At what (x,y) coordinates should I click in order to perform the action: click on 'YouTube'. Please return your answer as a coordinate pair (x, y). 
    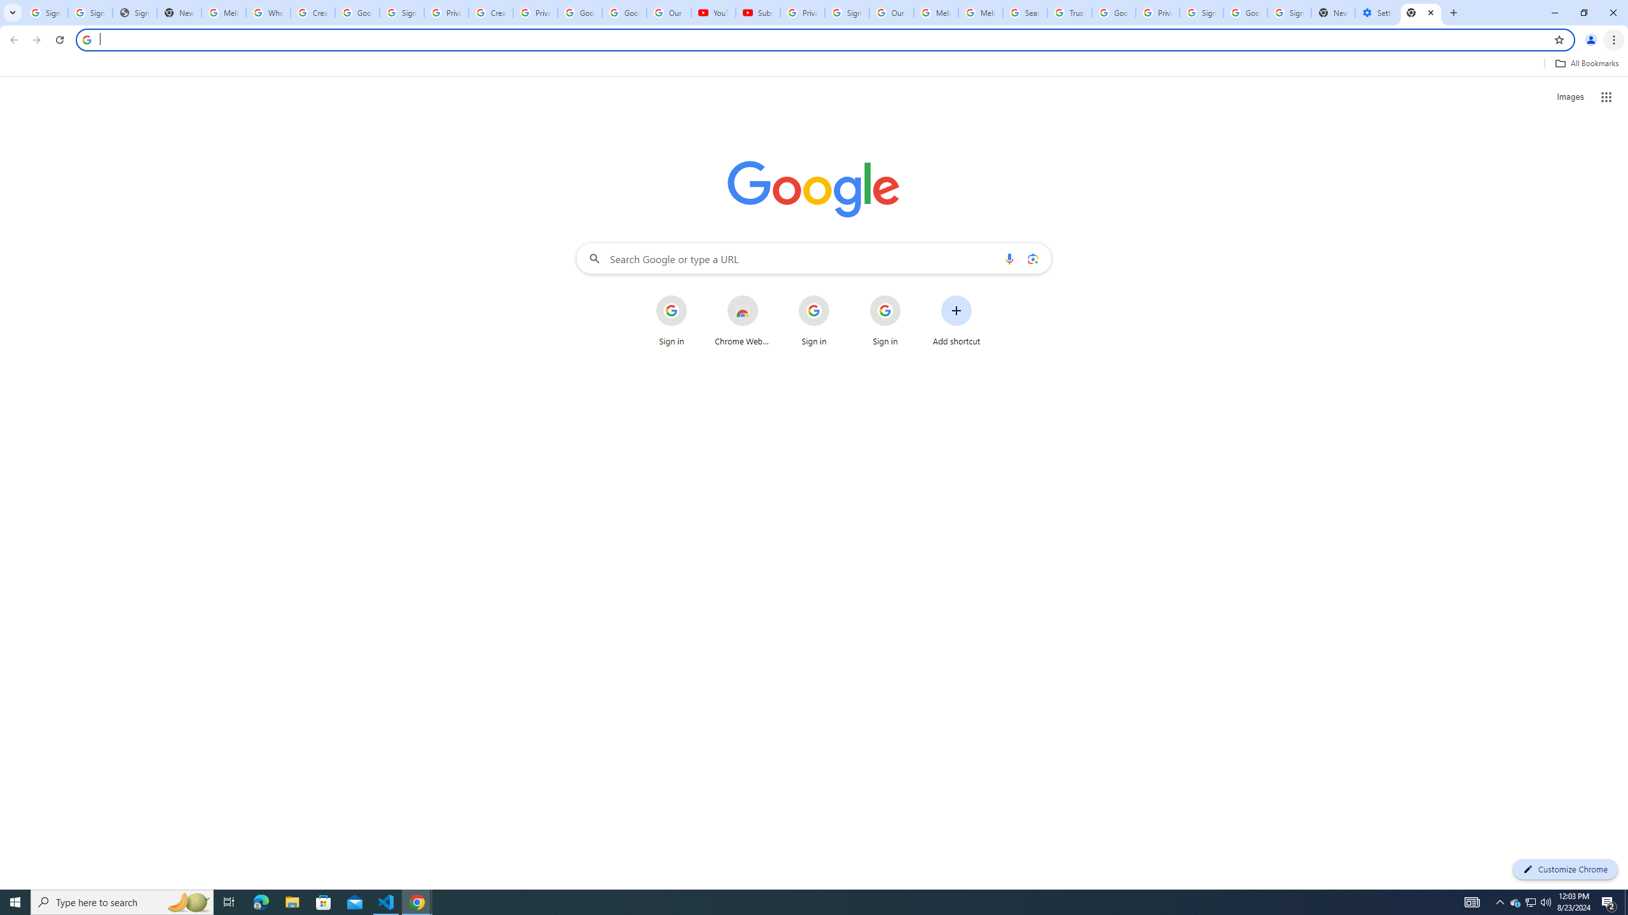
    Looking at the image, I should click on (713, 12).